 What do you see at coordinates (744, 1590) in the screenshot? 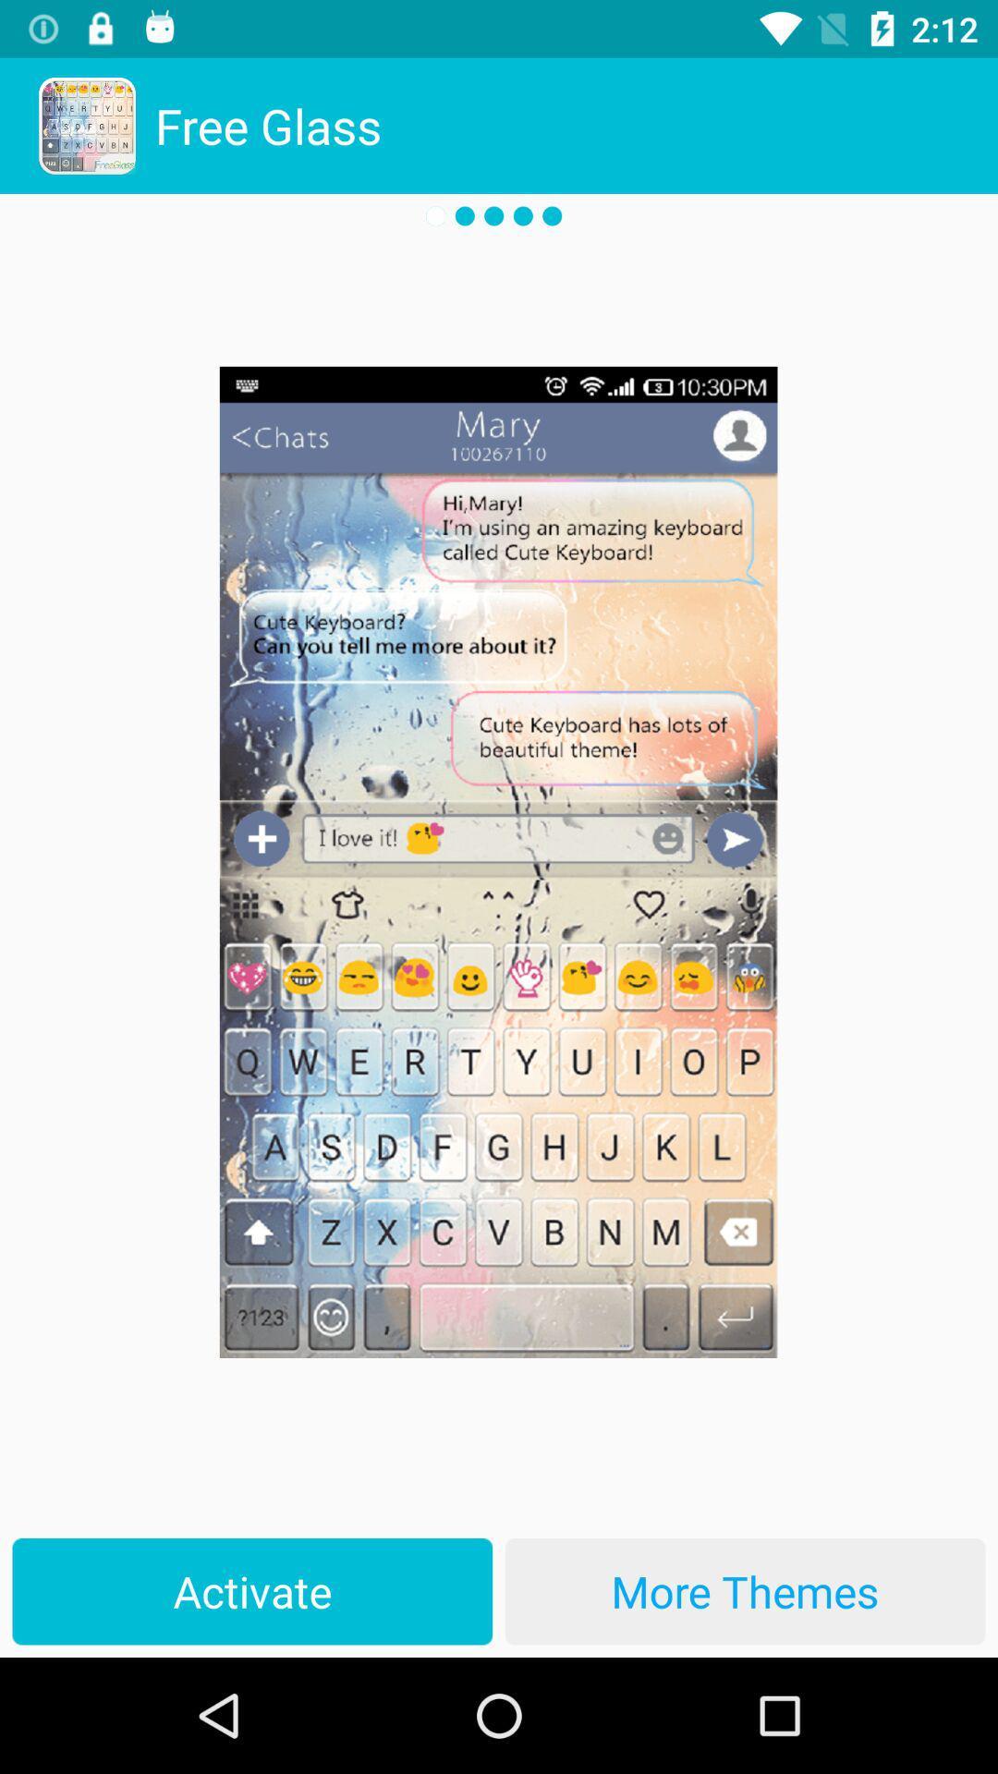
I see `more themes at the bottom right corner` at bounding box center [744, 1590].